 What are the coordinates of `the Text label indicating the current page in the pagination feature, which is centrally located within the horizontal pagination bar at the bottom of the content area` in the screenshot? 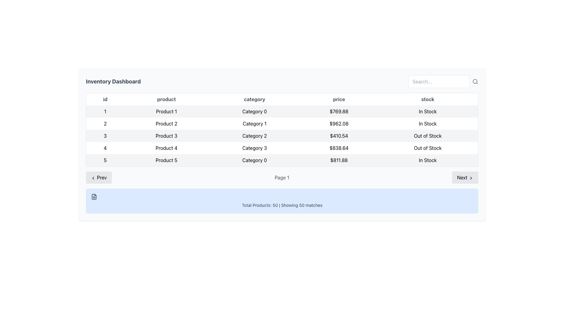 It's located at (282, 177).